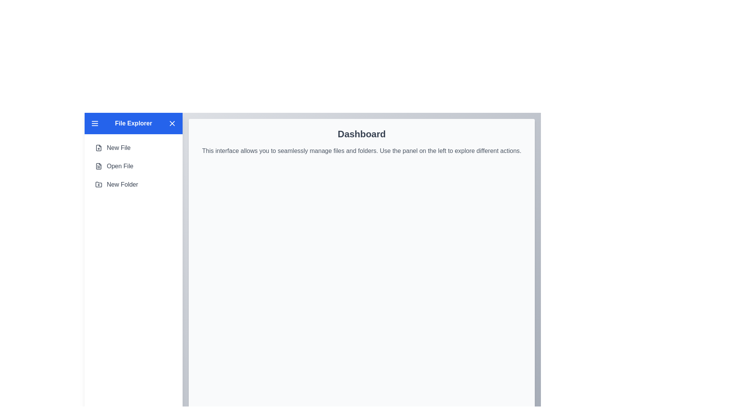  Describe the element at coordinates (172, 123) in the screenshot. I see `the button located at the top of the left-side menu panel, adjacent to the 'File Explorer' label` at that location.